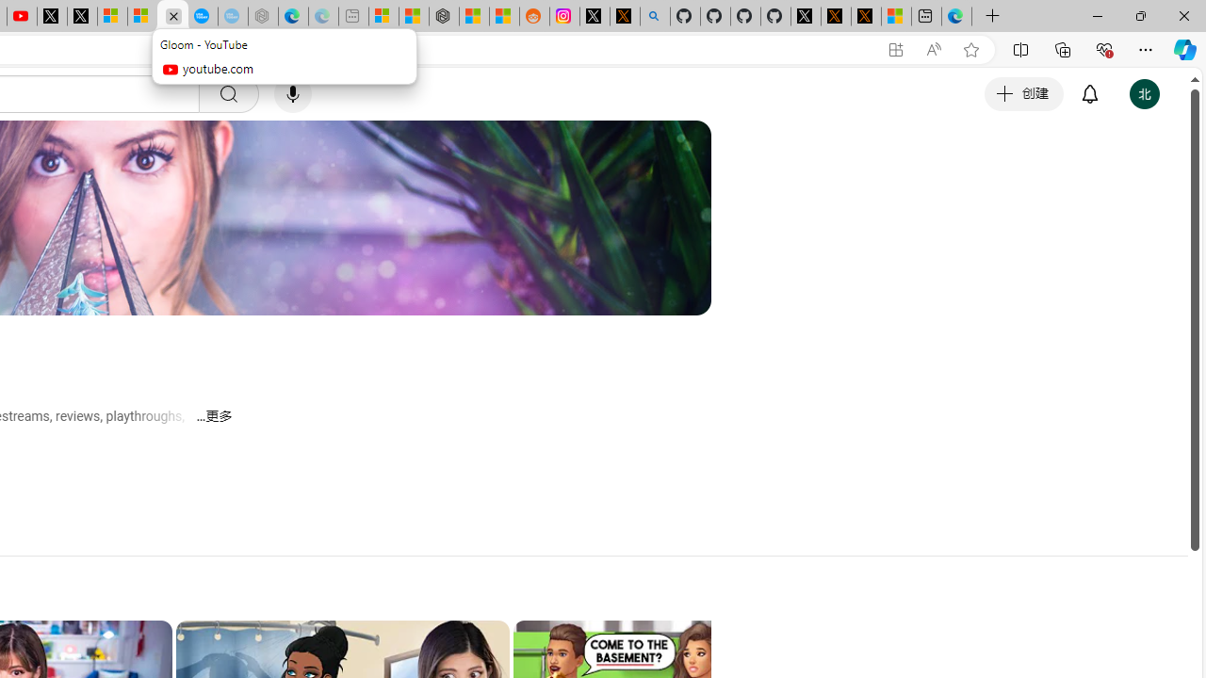 Image resolution: width=1206 pixels, height=678 pixels. I want to click on 'Restore', so click(1139, 15).